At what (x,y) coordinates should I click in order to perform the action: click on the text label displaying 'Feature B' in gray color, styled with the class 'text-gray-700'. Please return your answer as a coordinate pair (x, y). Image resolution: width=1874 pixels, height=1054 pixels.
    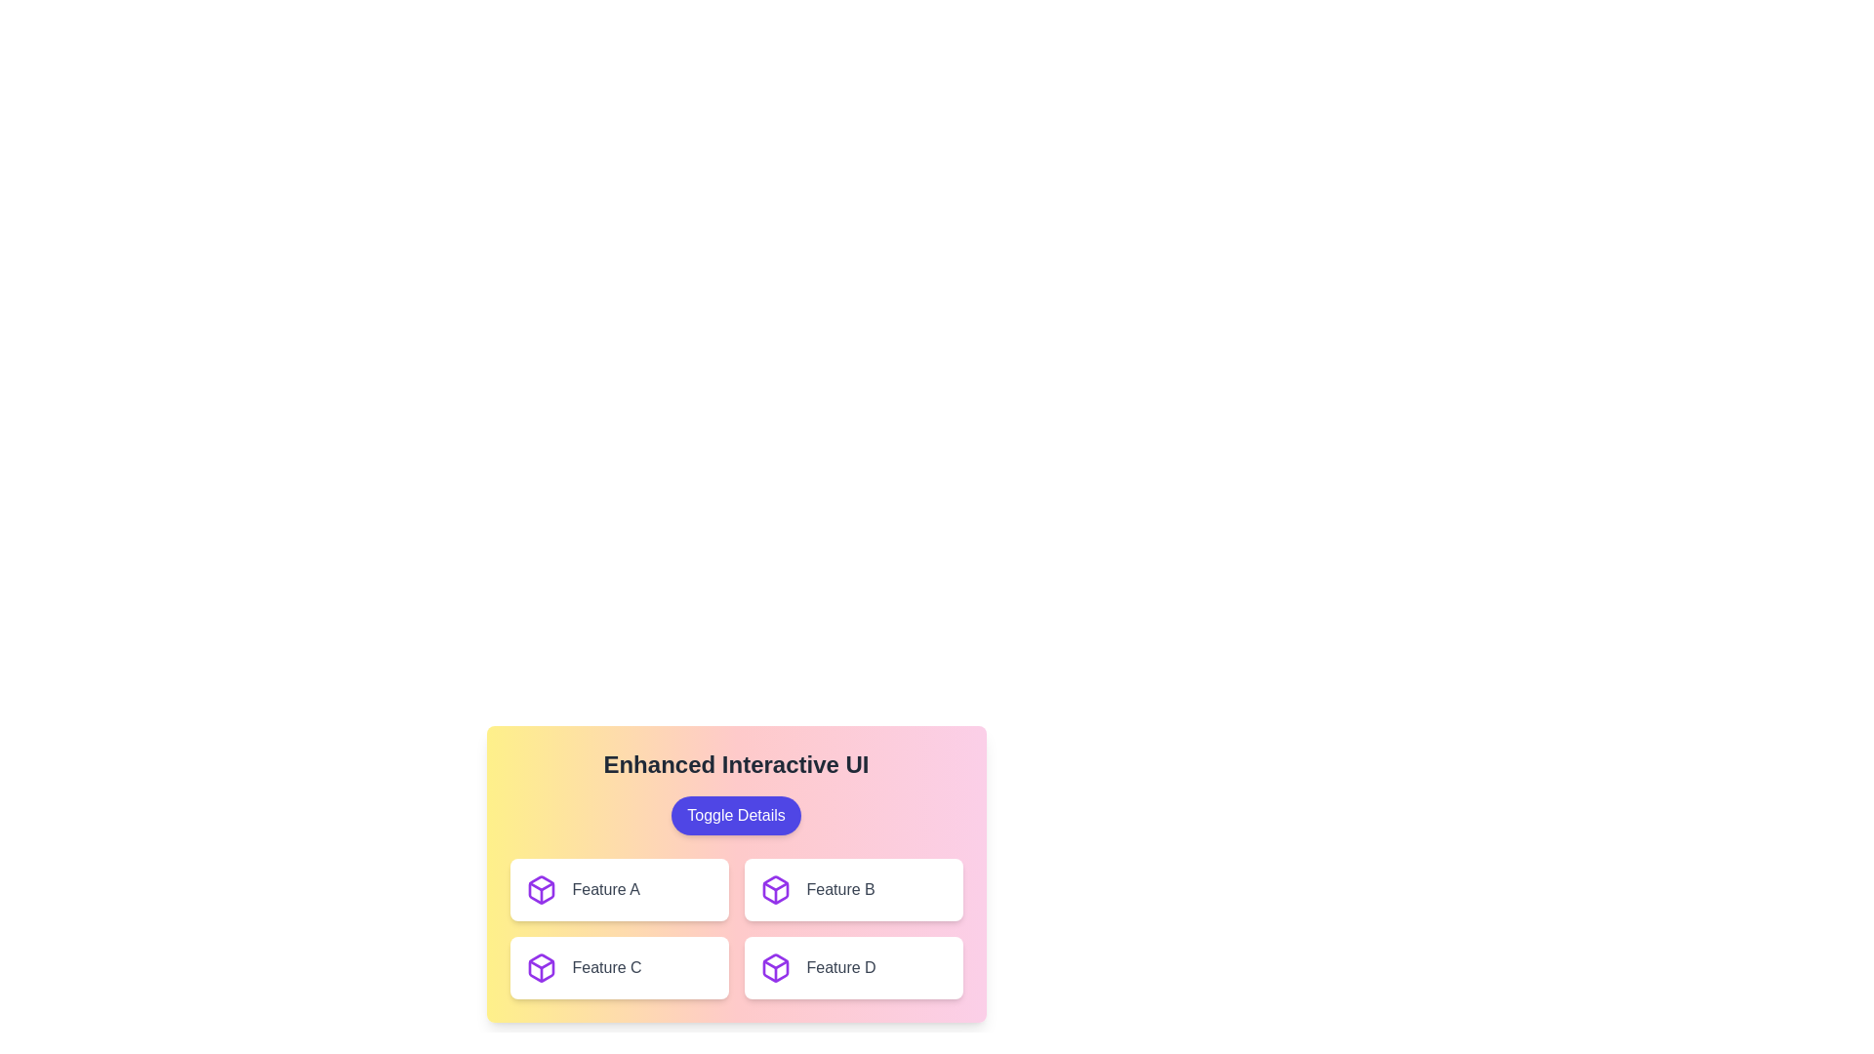
    Looking at the image, I should click on (840, 889).